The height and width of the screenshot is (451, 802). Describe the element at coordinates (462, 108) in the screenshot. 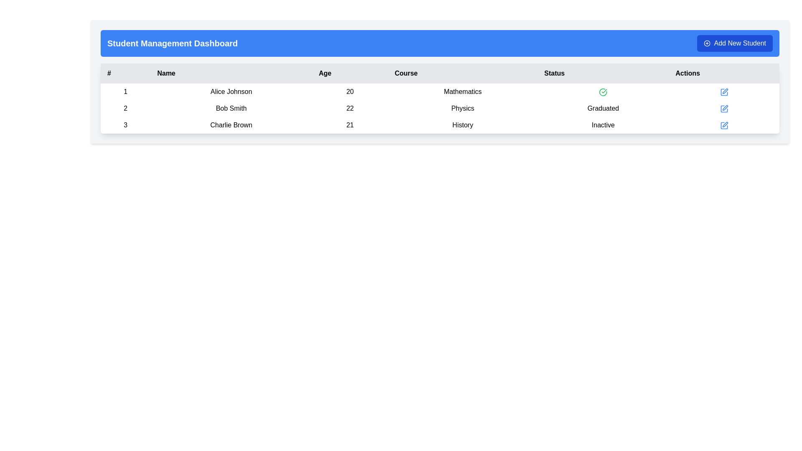

I see `the 'Physics' text label in the 'Course' column of the second row of the table, which is associated with 'Bob Smith's' entry` at that location.